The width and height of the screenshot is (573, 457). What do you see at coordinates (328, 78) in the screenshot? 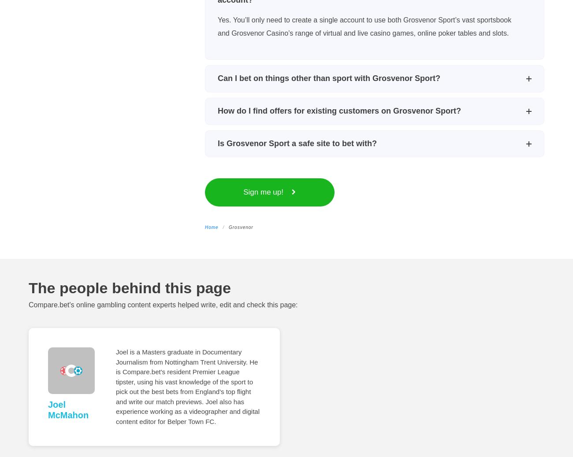
I see `'Can I bet on things other than sport with Grosvenor Sport?'` at bounding box center [328, 78].